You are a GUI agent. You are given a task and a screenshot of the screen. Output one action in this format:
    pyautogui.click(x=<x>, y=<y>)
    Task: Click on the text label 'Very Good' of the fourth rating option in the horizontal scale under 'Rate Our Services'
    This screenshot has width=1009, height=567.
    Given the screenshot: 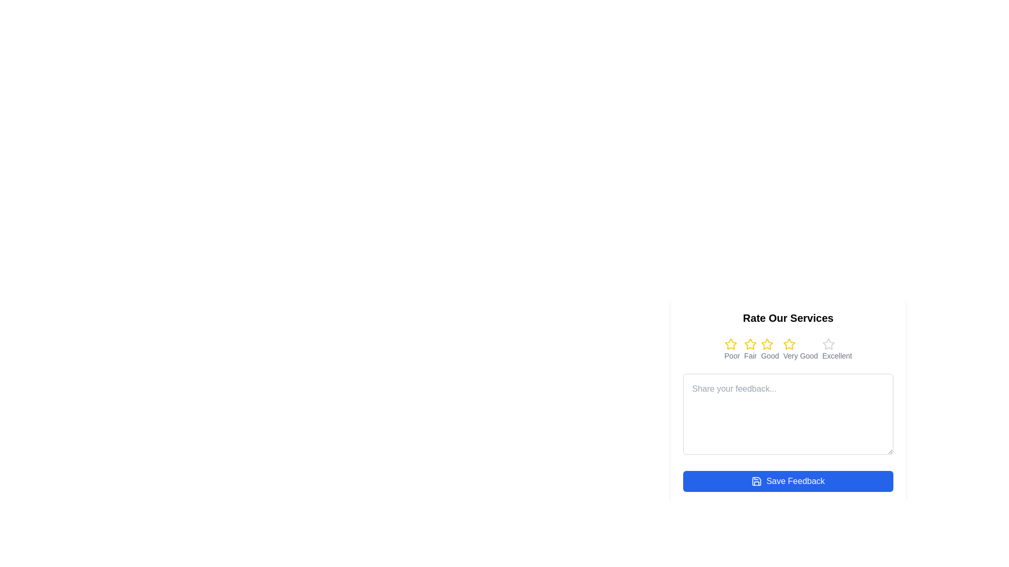 What is the action you would take?
    pyautogui.click(x=800, y=350)
    